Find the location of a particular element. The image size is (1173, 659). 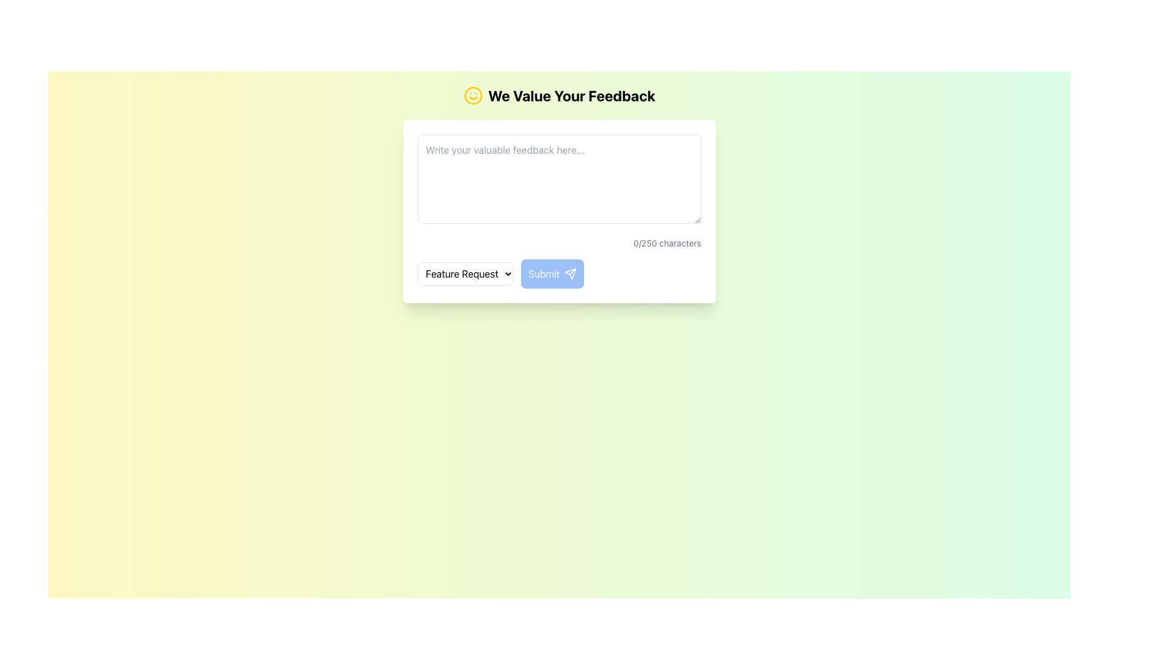

the static text with icon that serves as the title for the feedback form, located at the top center of the interface is located at coordinates (559, 95).